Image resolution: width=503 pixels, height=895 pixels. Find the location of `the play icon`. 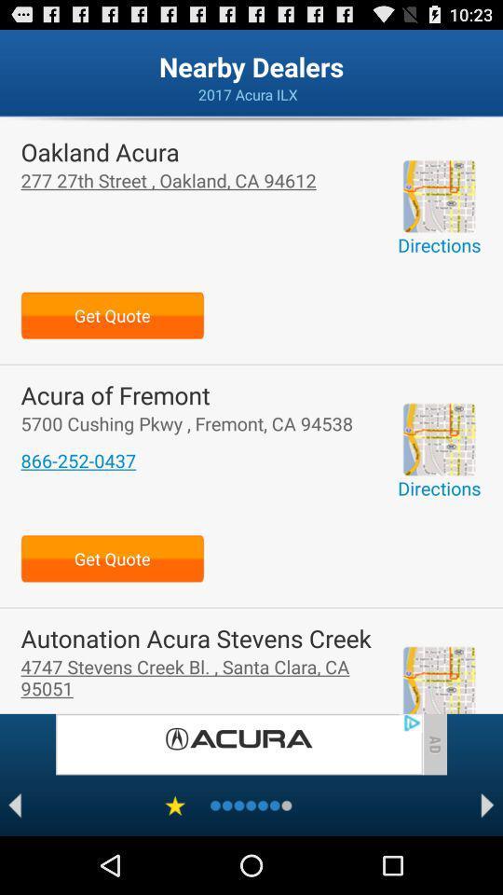

the play icon is located at coordinates (487, 861).